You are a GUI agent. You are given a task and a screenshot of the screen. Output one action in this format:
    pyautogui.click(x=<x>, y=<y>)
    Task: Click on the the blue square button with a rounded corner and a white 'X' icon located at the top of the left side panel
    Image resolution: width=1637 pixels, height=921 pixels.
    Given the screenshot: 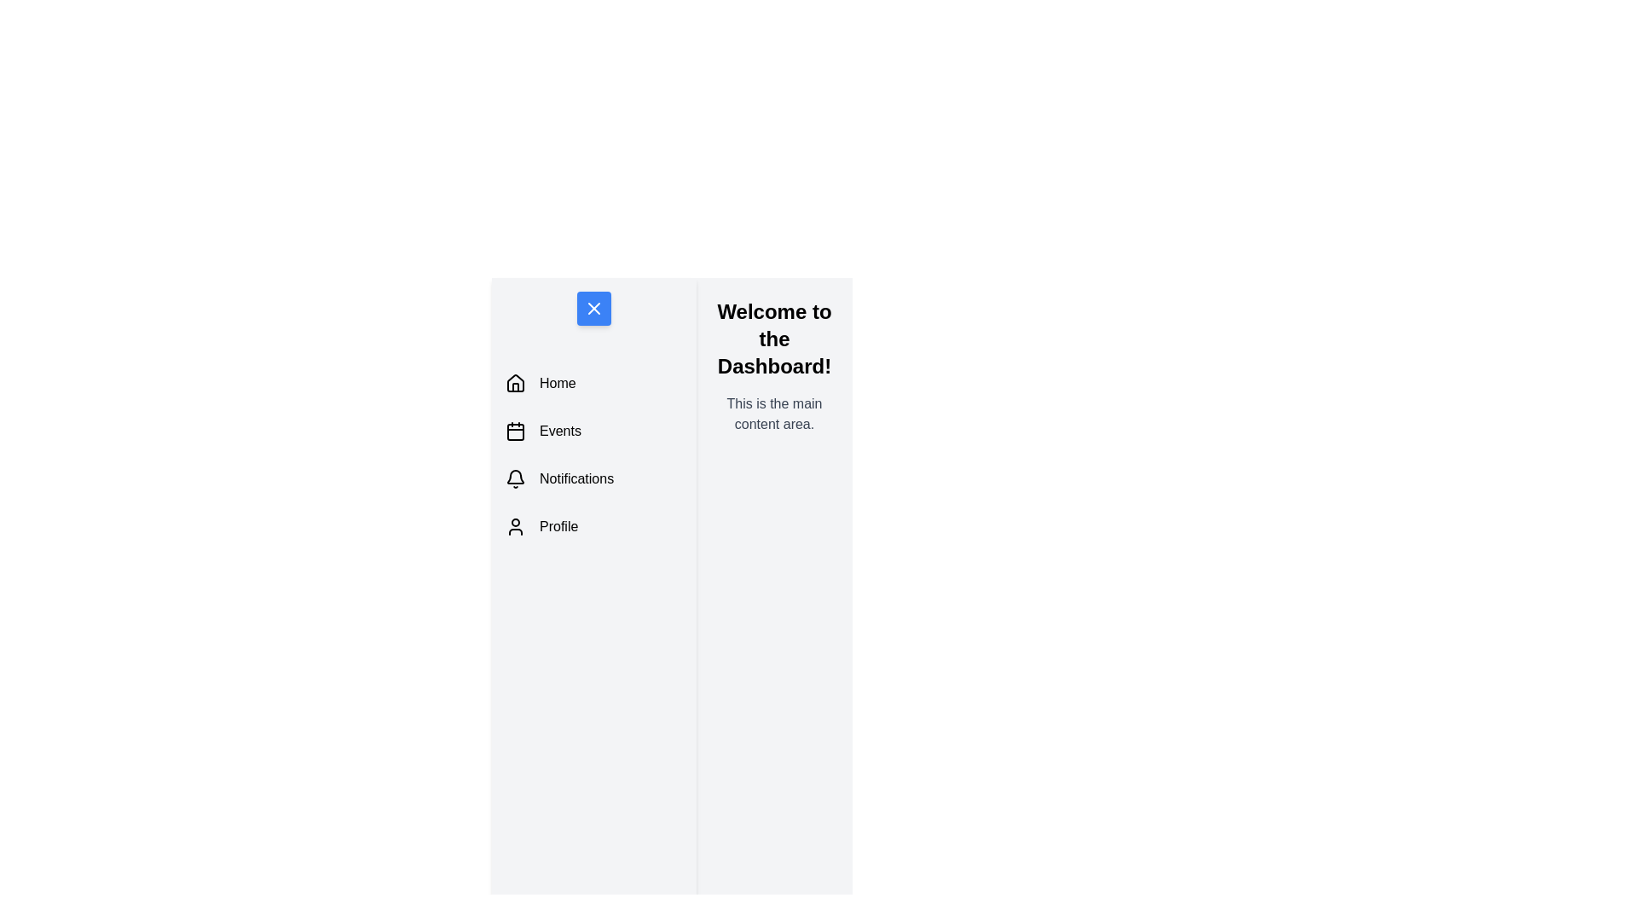 What is the action you would take?
    pyautogui.click(x=593, y=309)
    